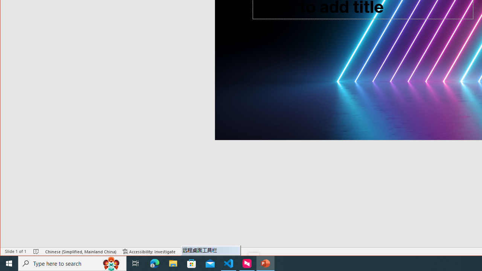  Describe the element at coordinates (154, 263) in the screenshot. I see `'Microsoft Edge'` at that location.